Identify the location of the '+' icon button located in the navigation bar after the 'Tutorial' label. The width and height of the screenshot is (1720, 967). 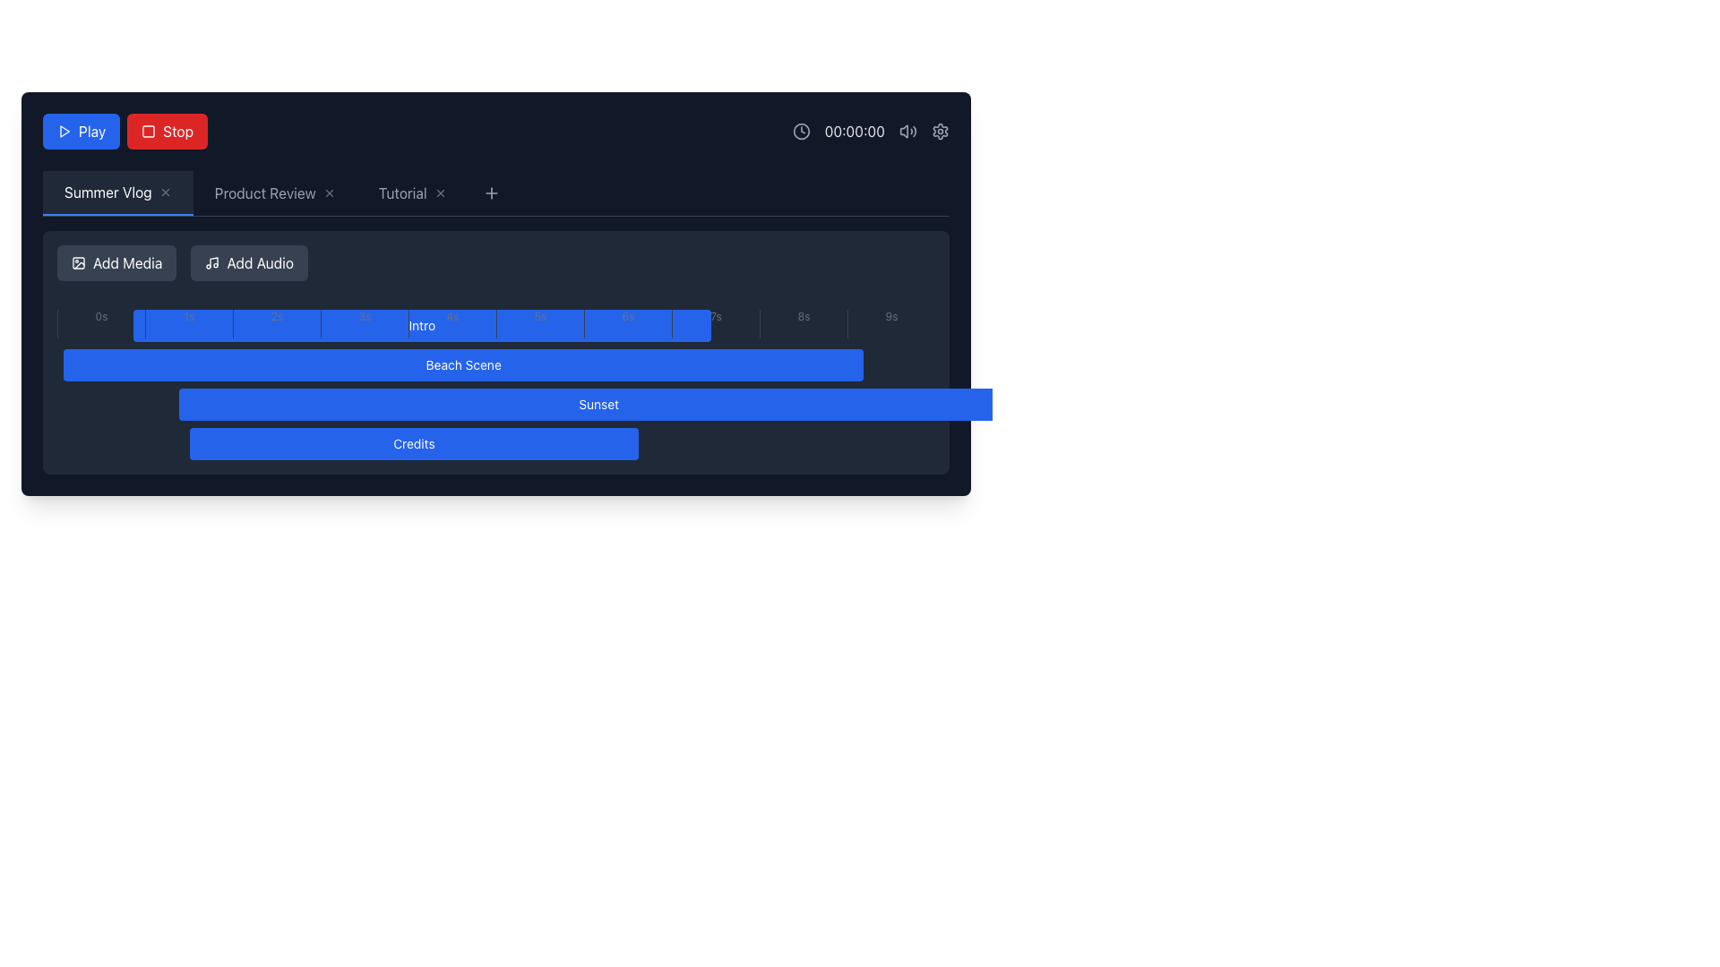
(491, 193).